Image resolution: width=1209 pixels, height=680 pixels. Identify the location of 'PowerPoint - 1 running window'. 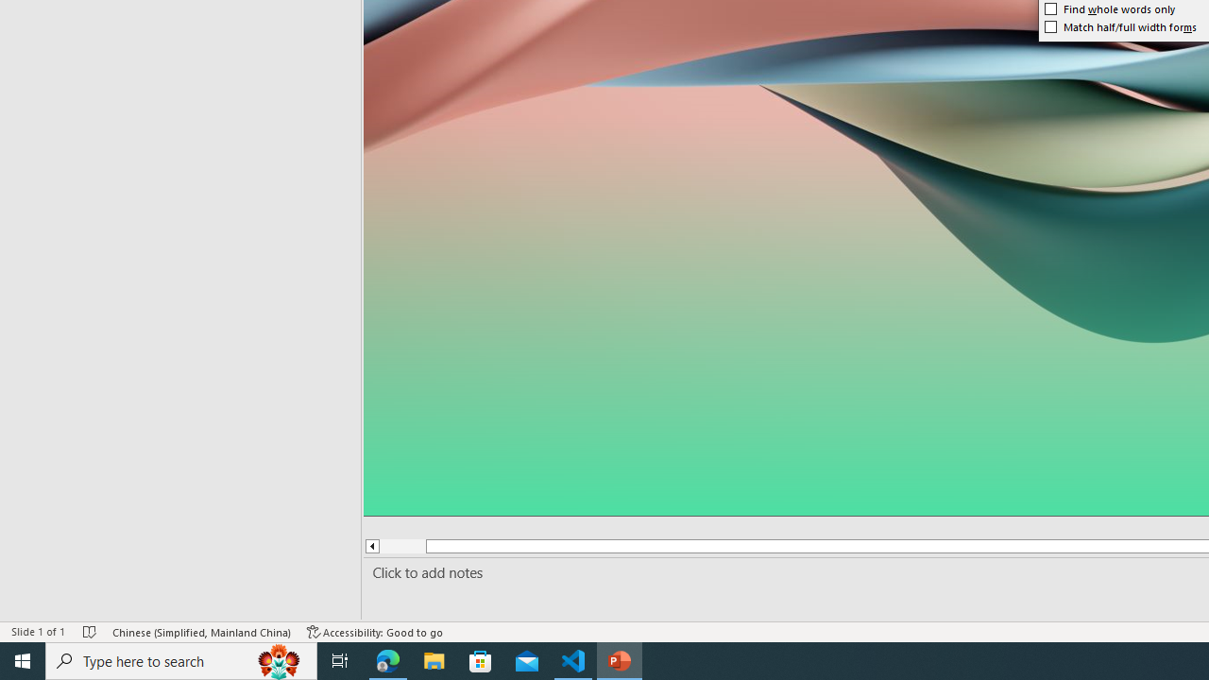
(620, 659).